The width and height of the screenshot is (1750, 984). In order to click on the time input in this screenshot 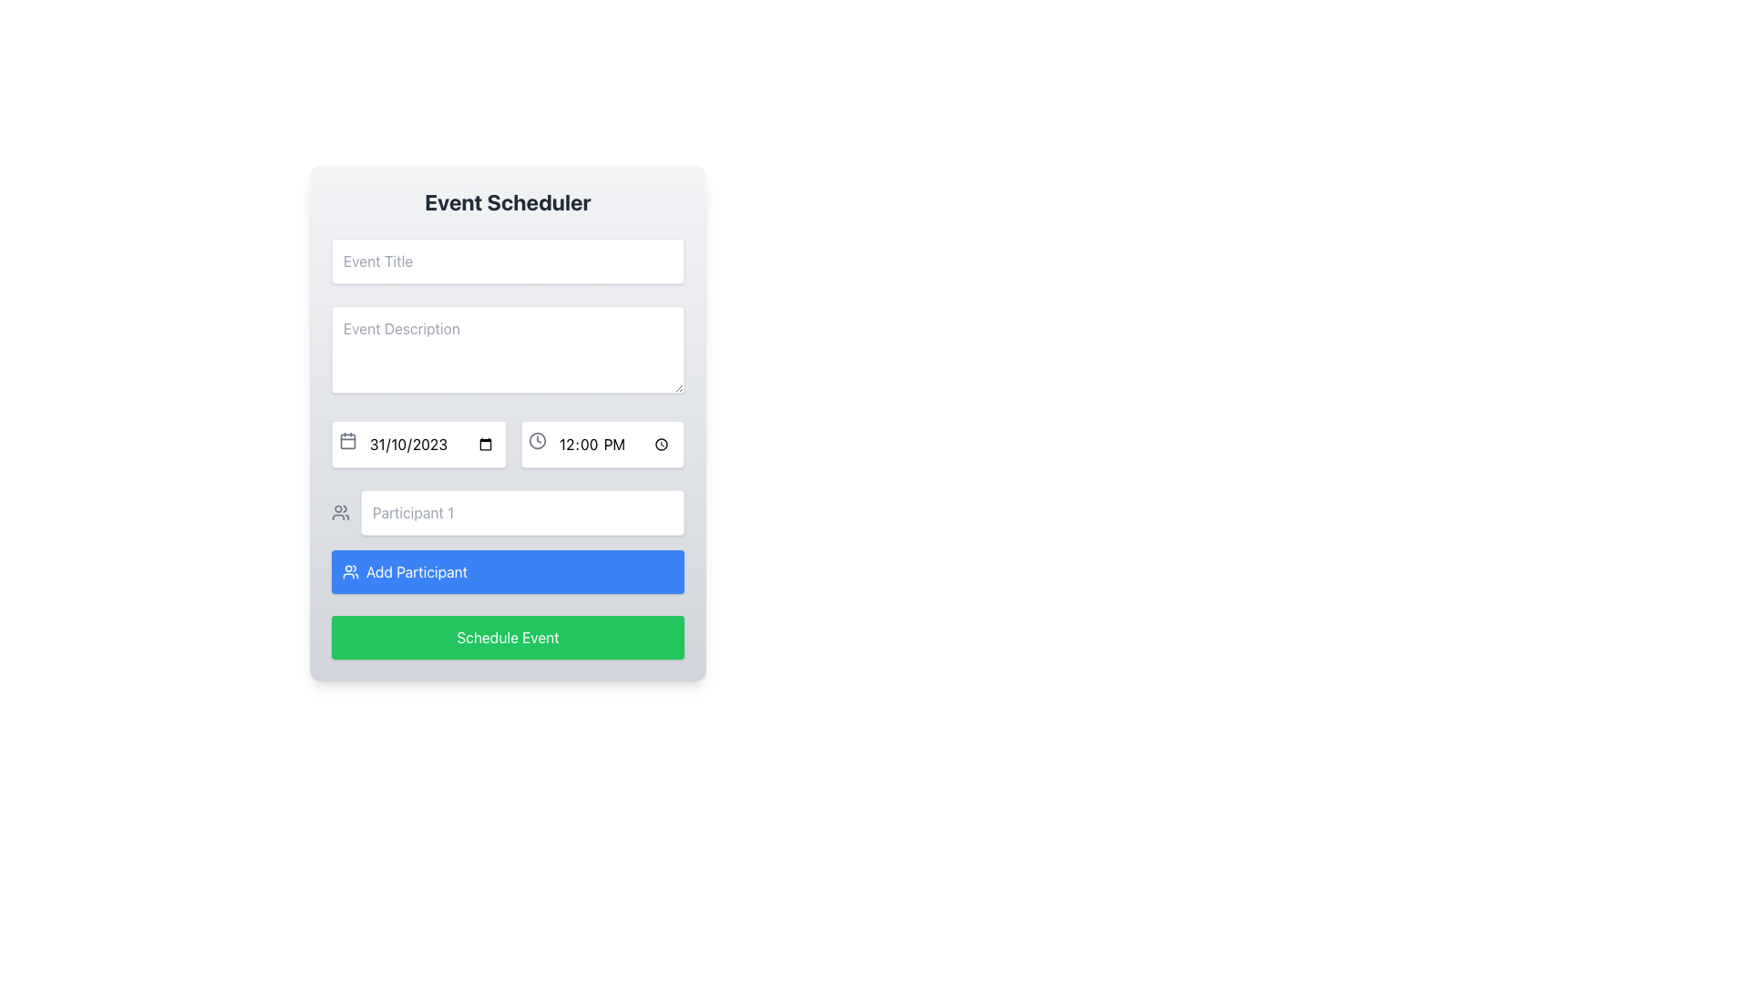, I will do `click(602, 445)`.